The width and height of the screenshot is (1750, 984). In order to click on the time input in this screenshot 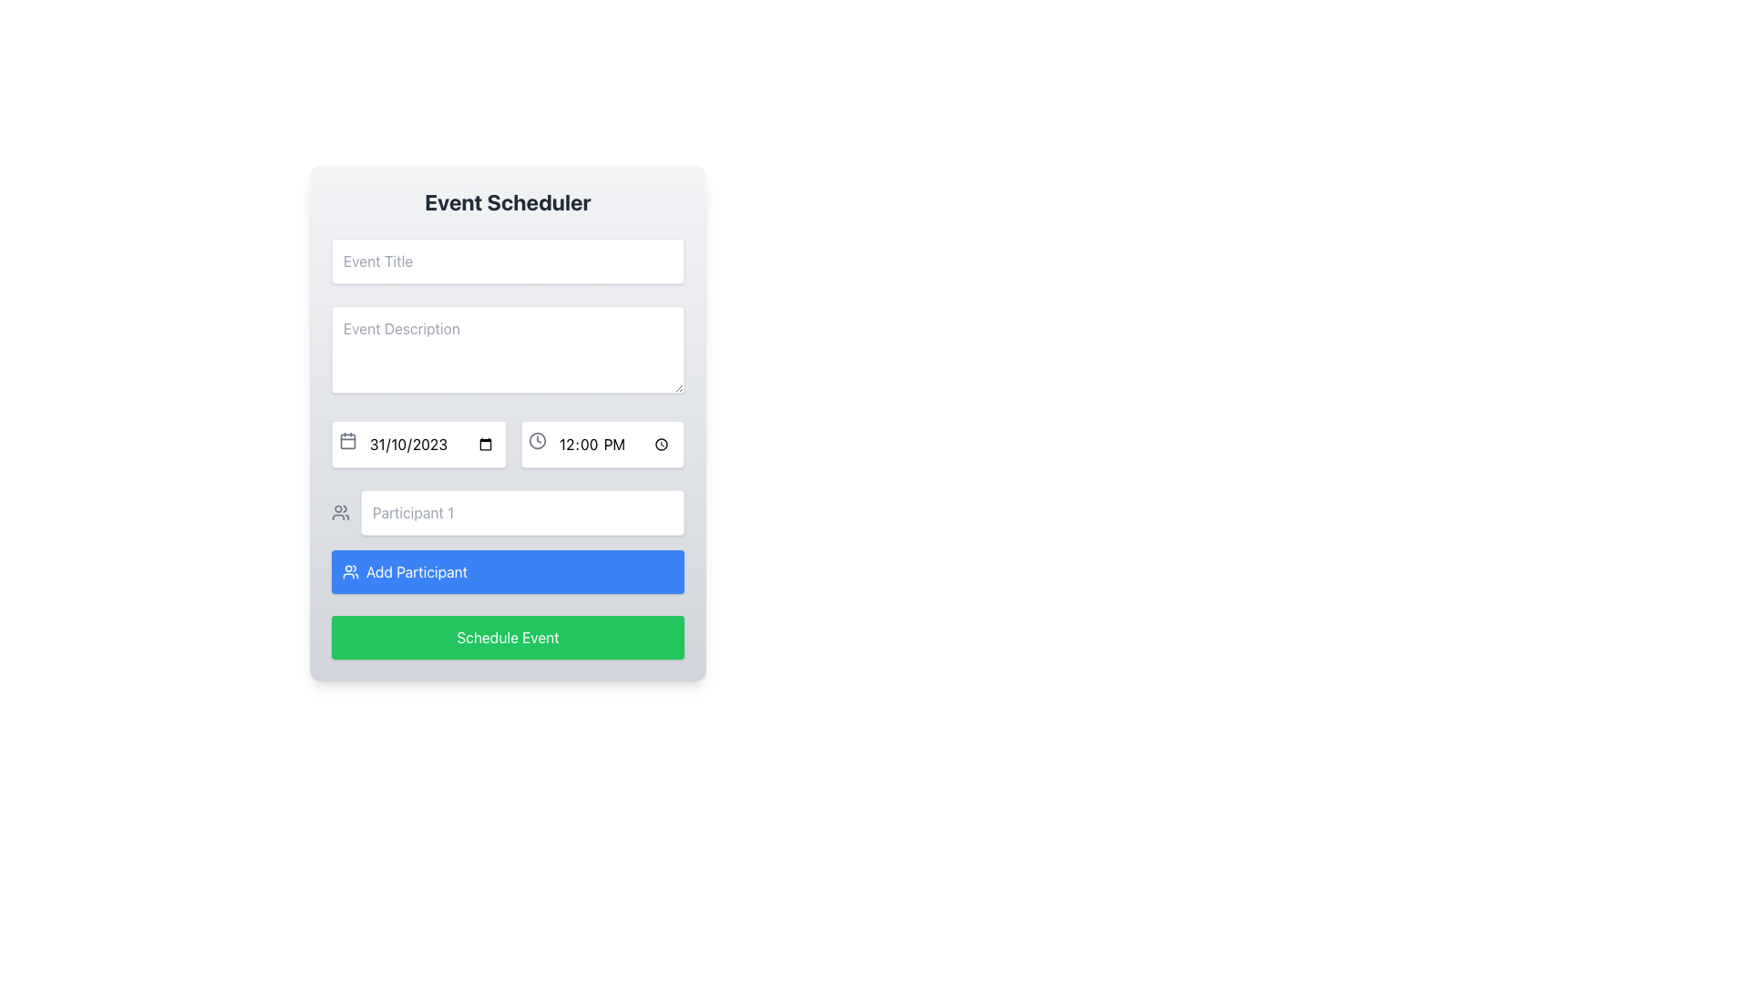, I will do `click(602, 445)`.